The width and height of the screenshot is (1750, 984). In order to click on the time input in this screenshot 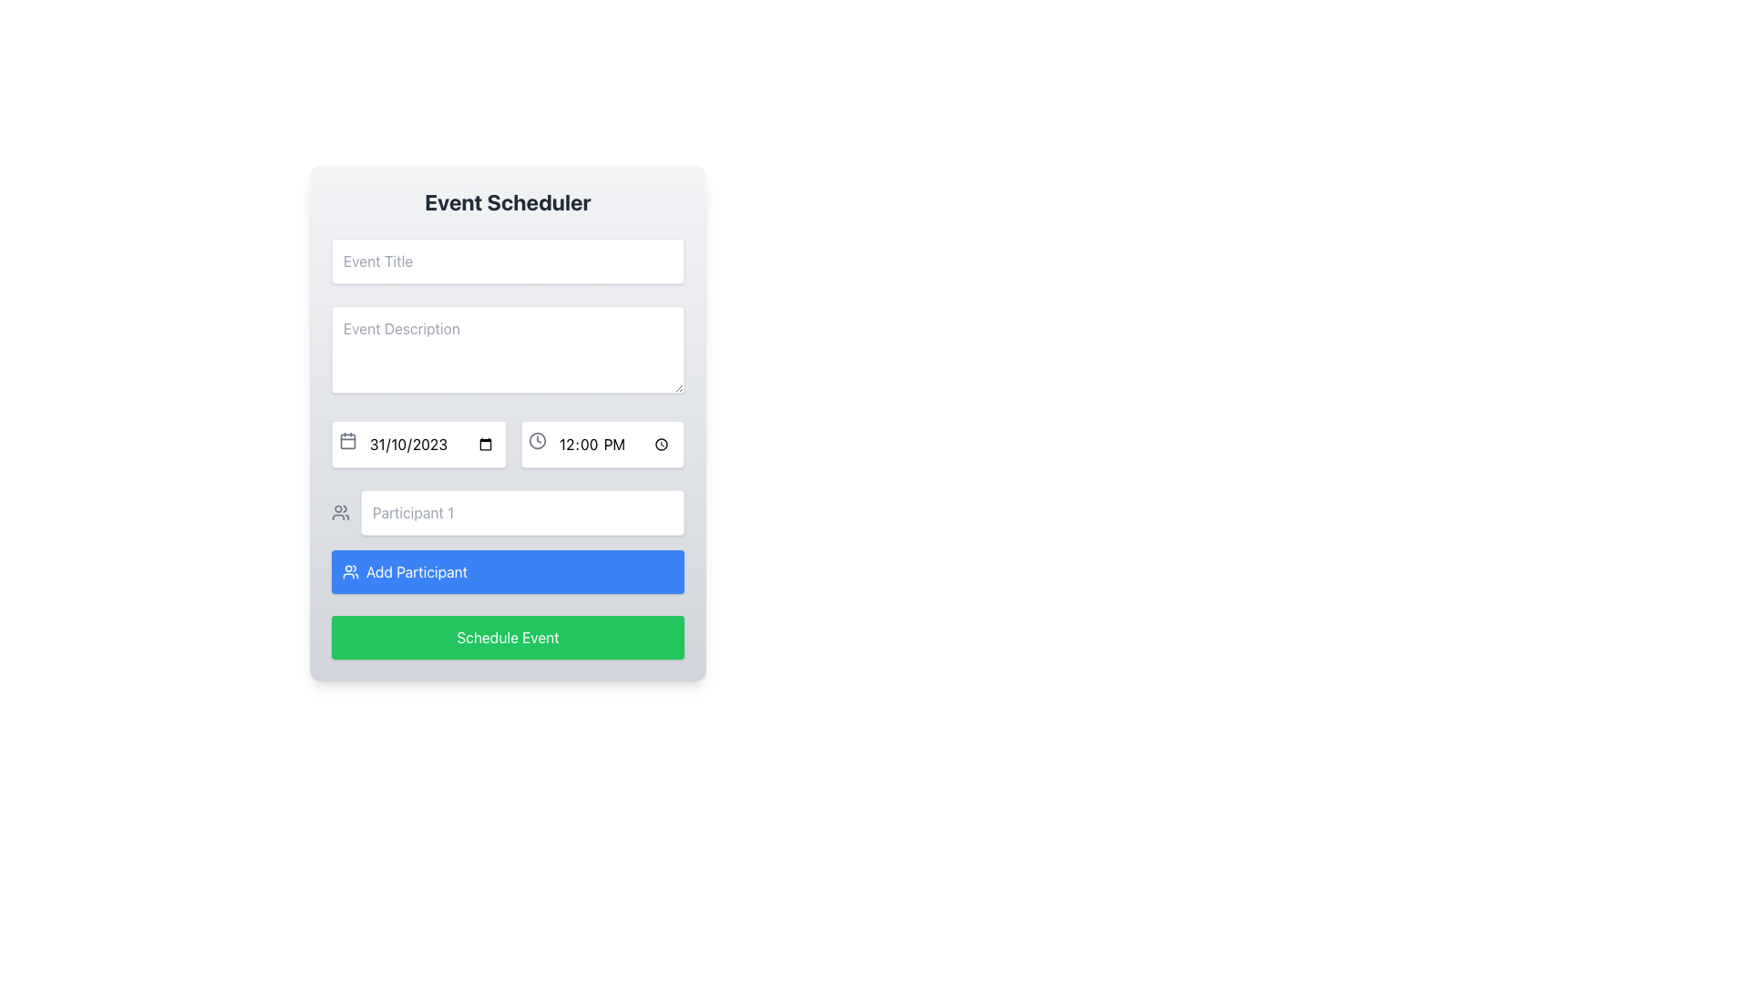, I will do `click(602, 445)`.